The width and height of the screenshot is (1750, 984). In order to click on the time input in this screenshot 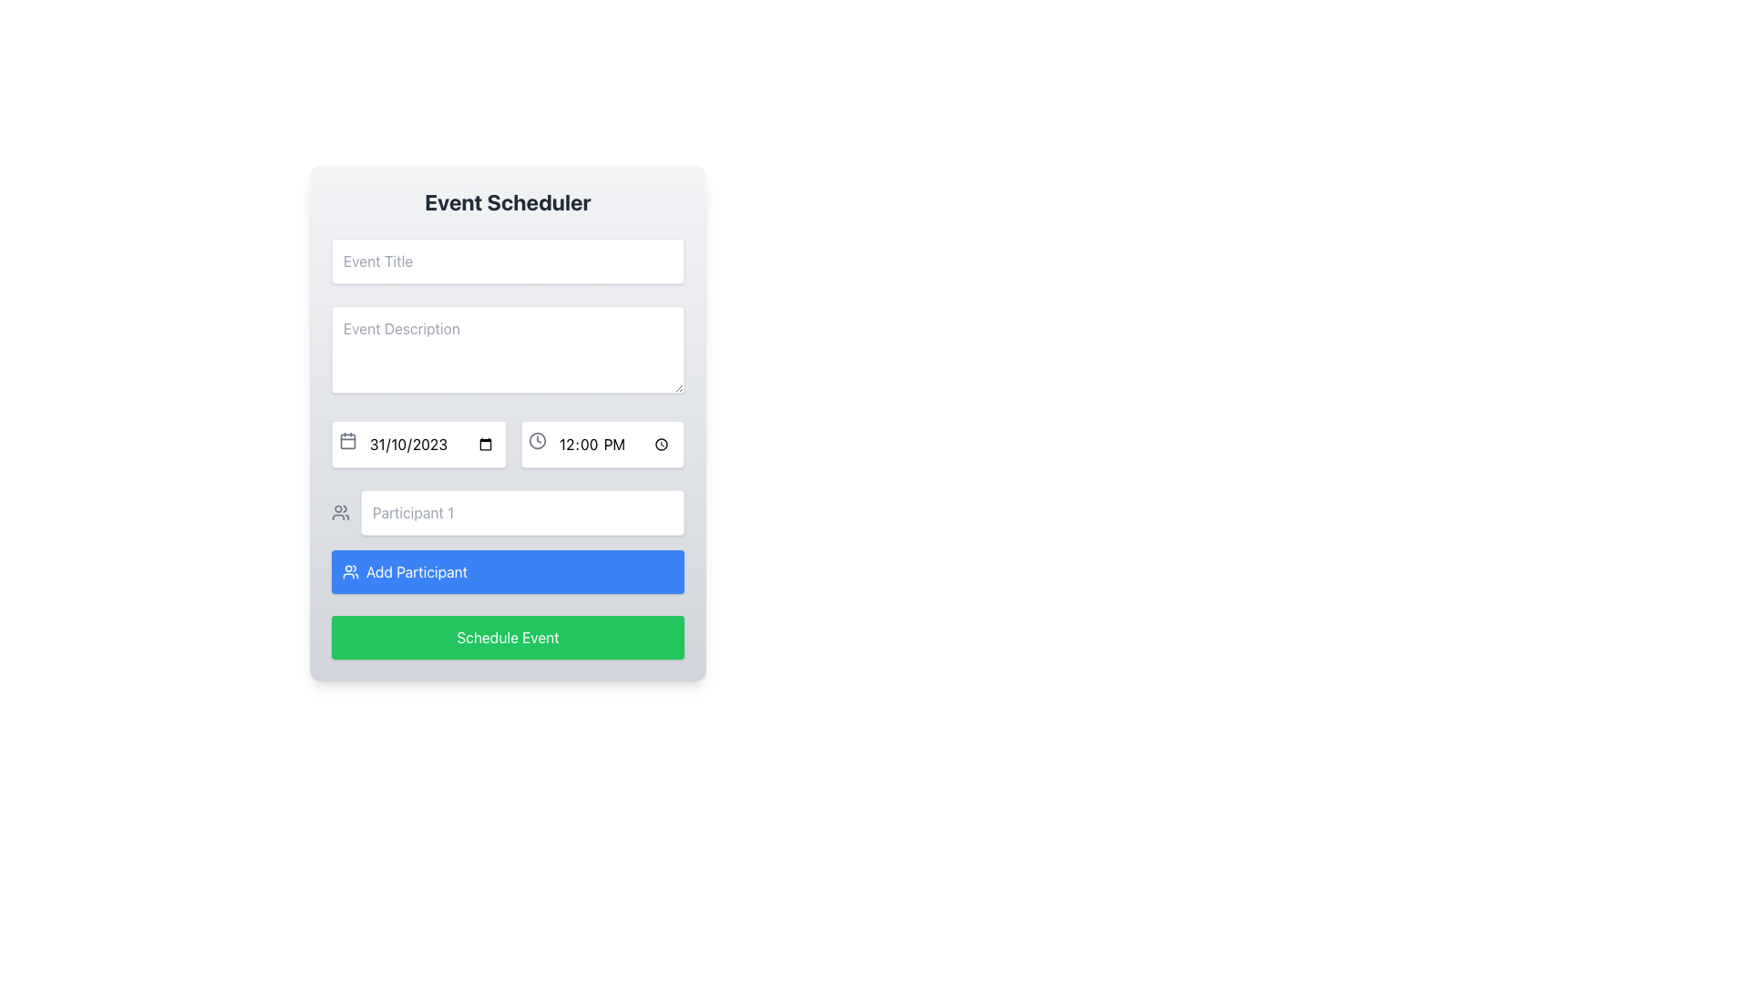, I will do `click(602, 445)`.